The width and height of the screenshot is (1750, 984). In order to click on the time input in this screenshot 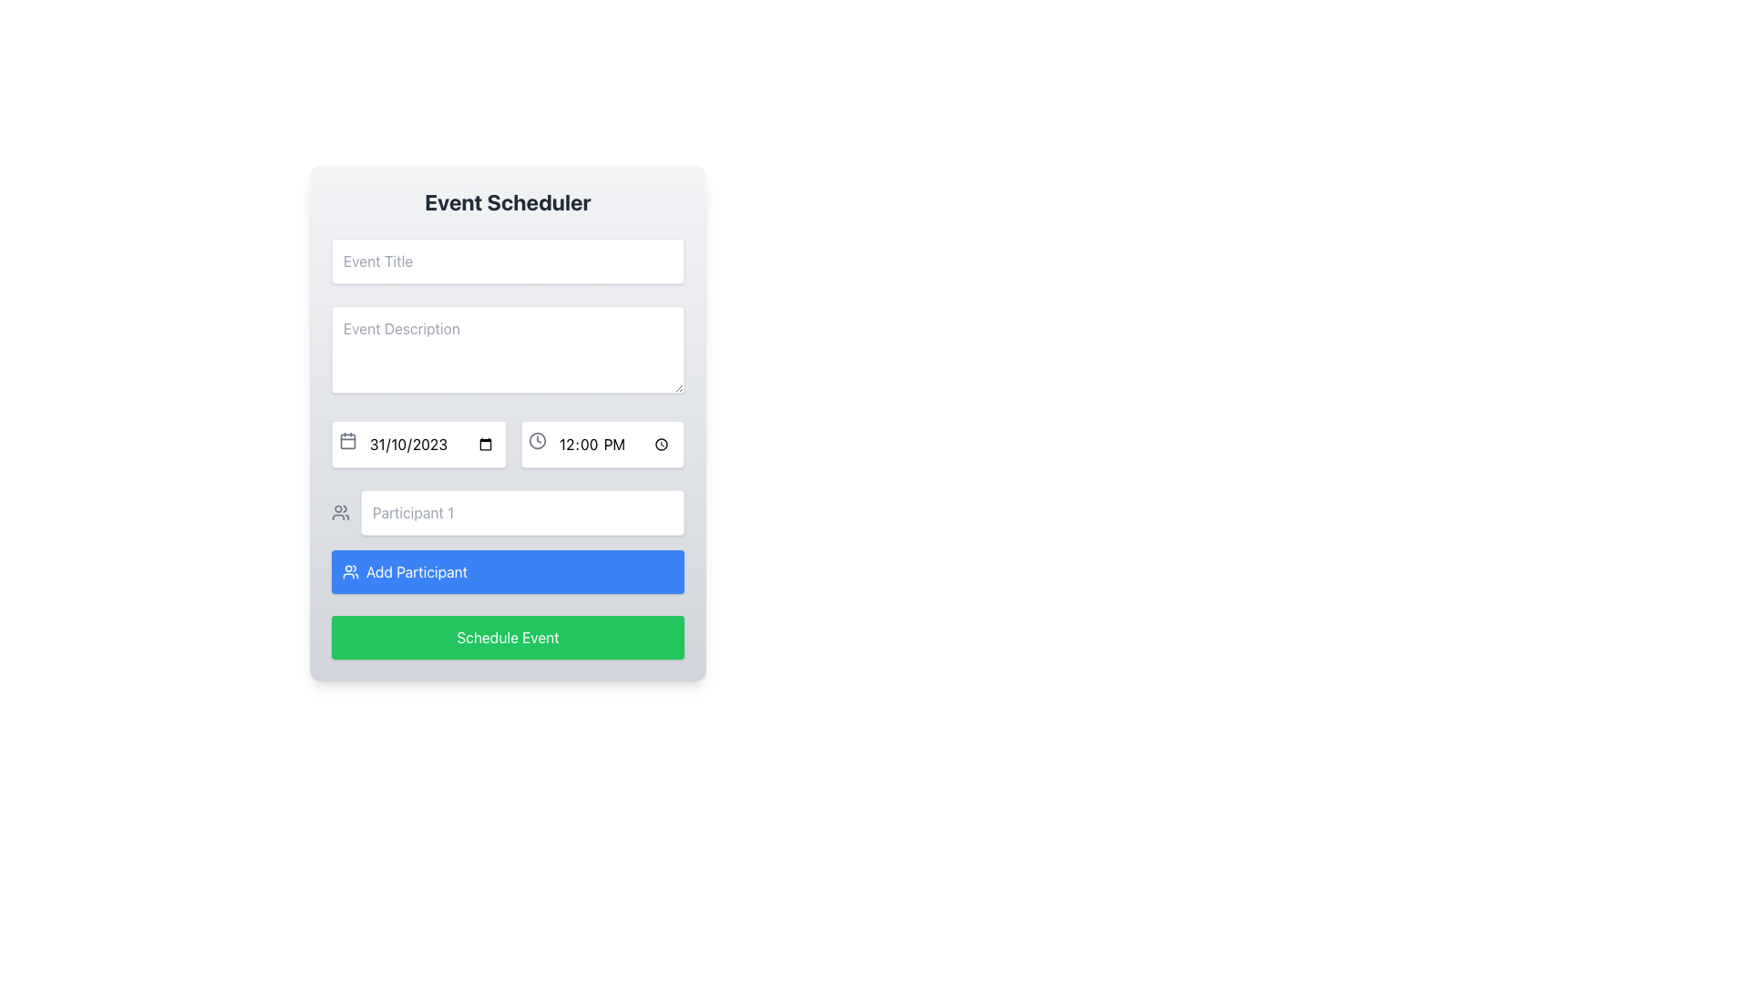, I will do `click(602, 445)`.